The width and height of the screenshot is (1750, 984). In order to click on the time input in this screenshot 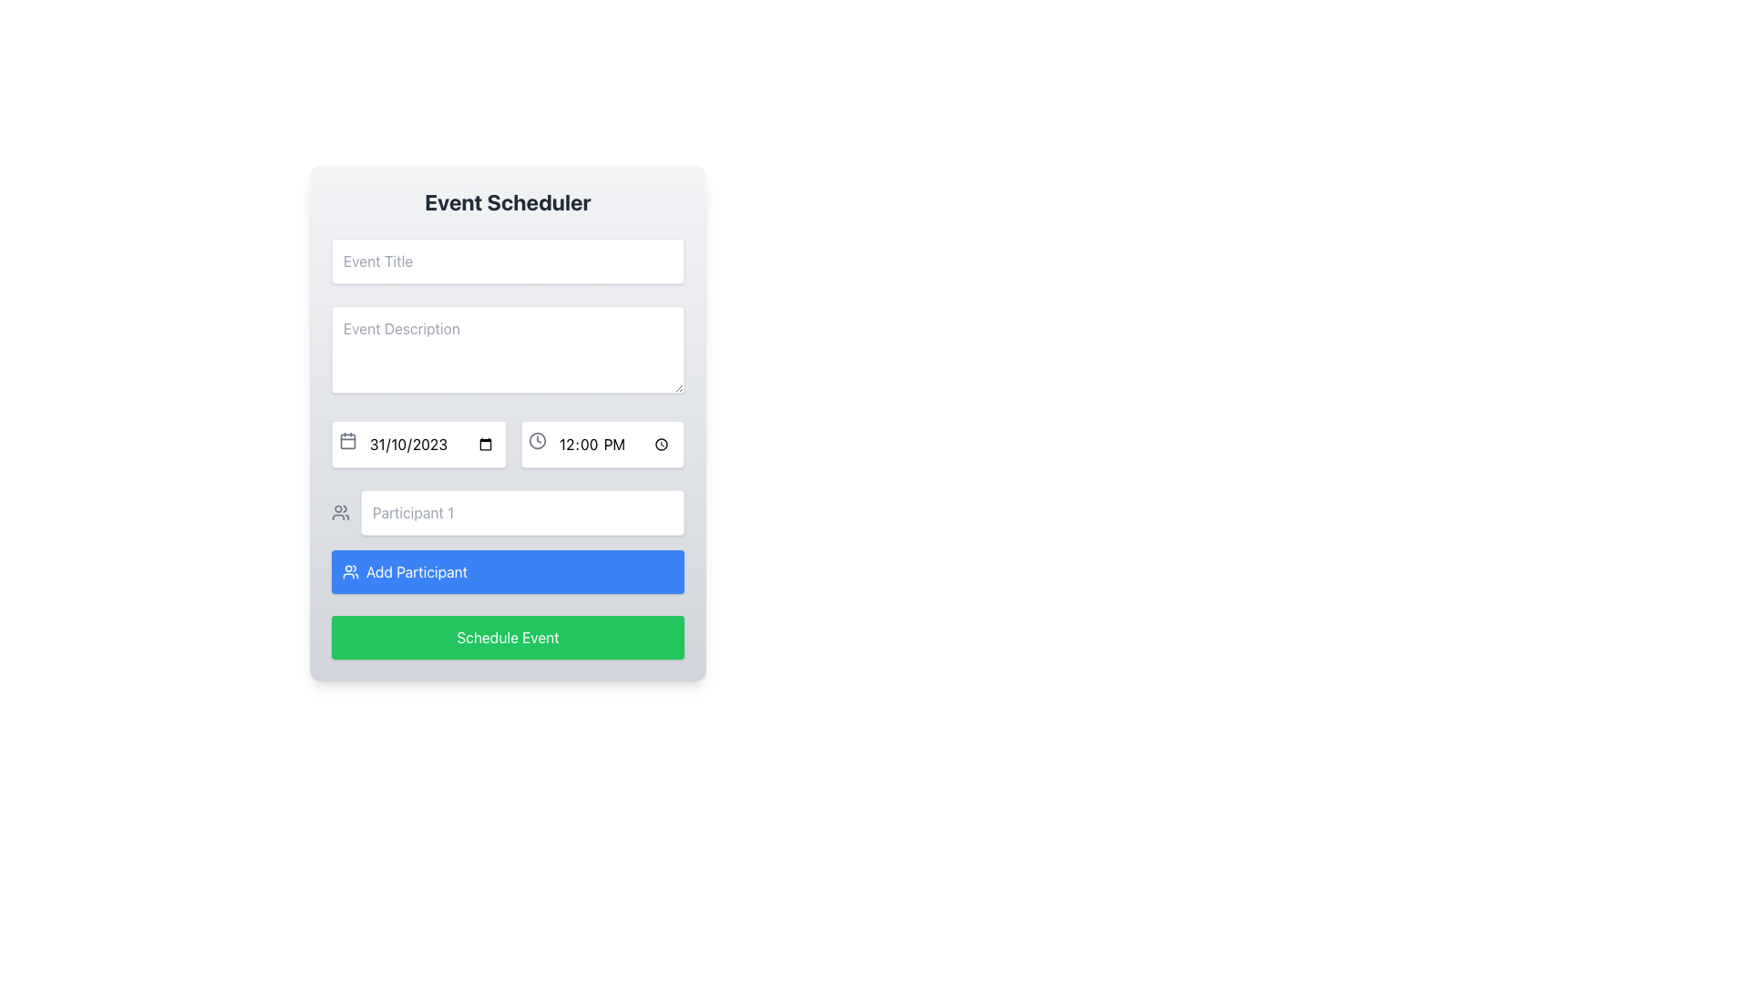, I will do `click(602, 445)`.